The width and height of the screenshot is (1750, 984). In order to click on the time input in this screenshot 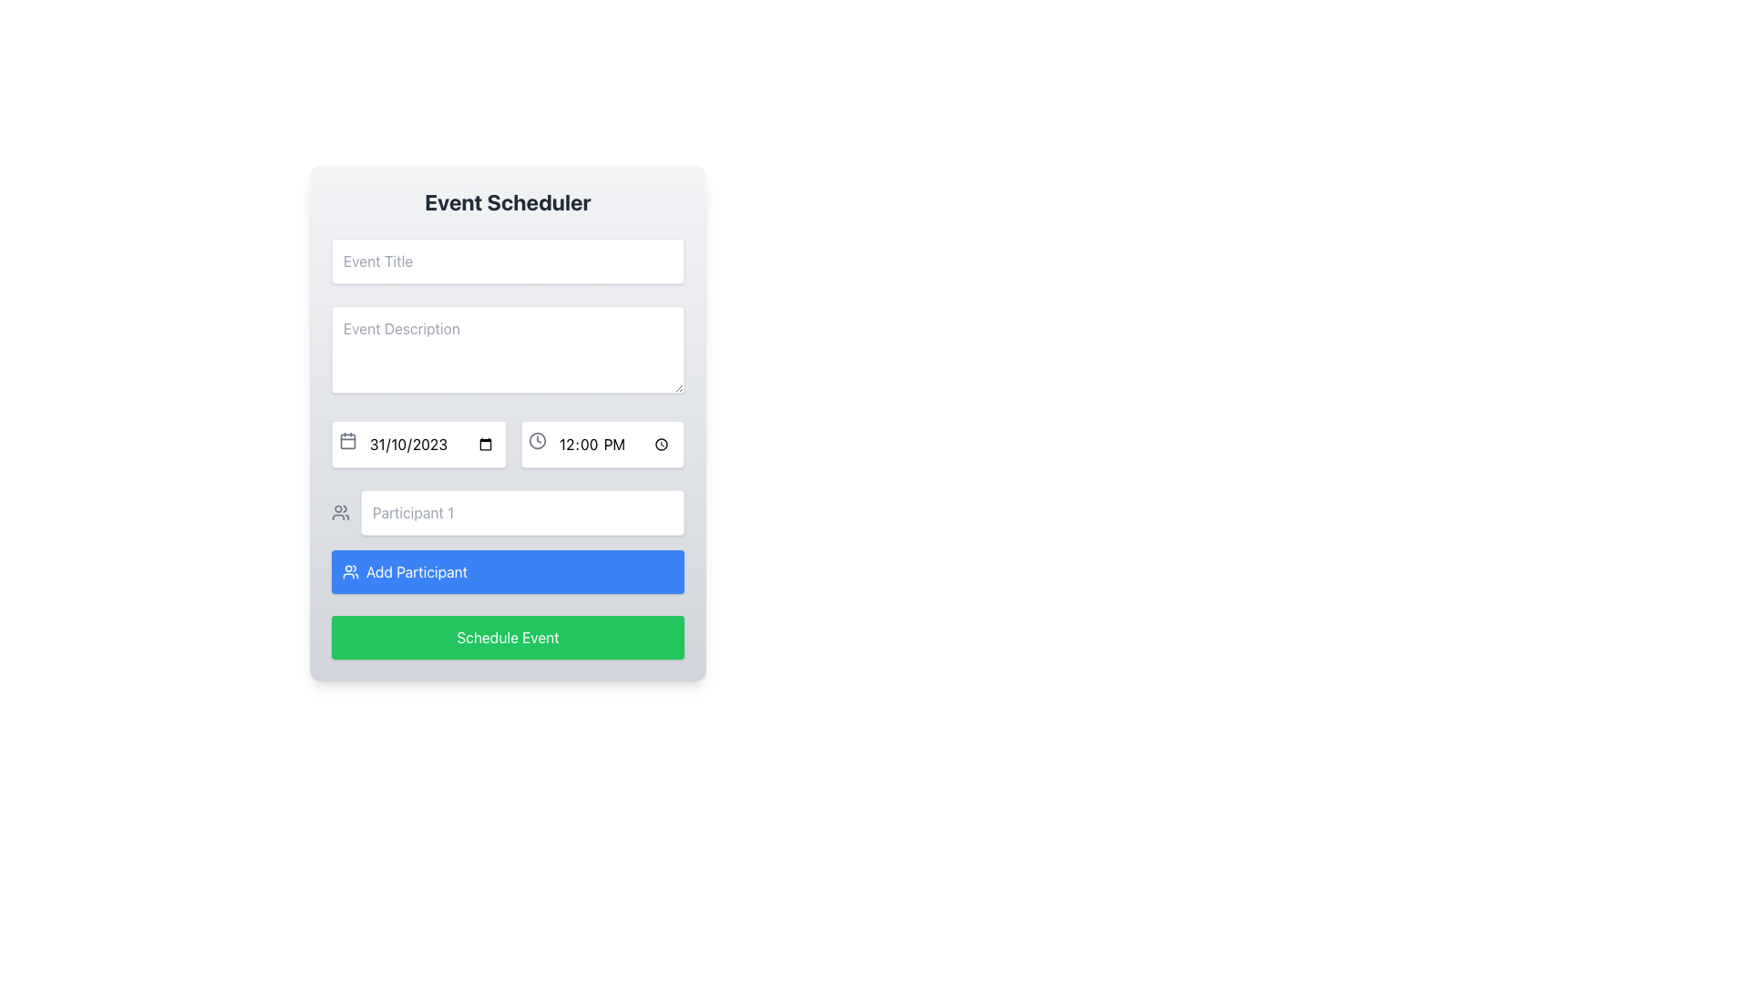, I will do `click(602, 445)`.